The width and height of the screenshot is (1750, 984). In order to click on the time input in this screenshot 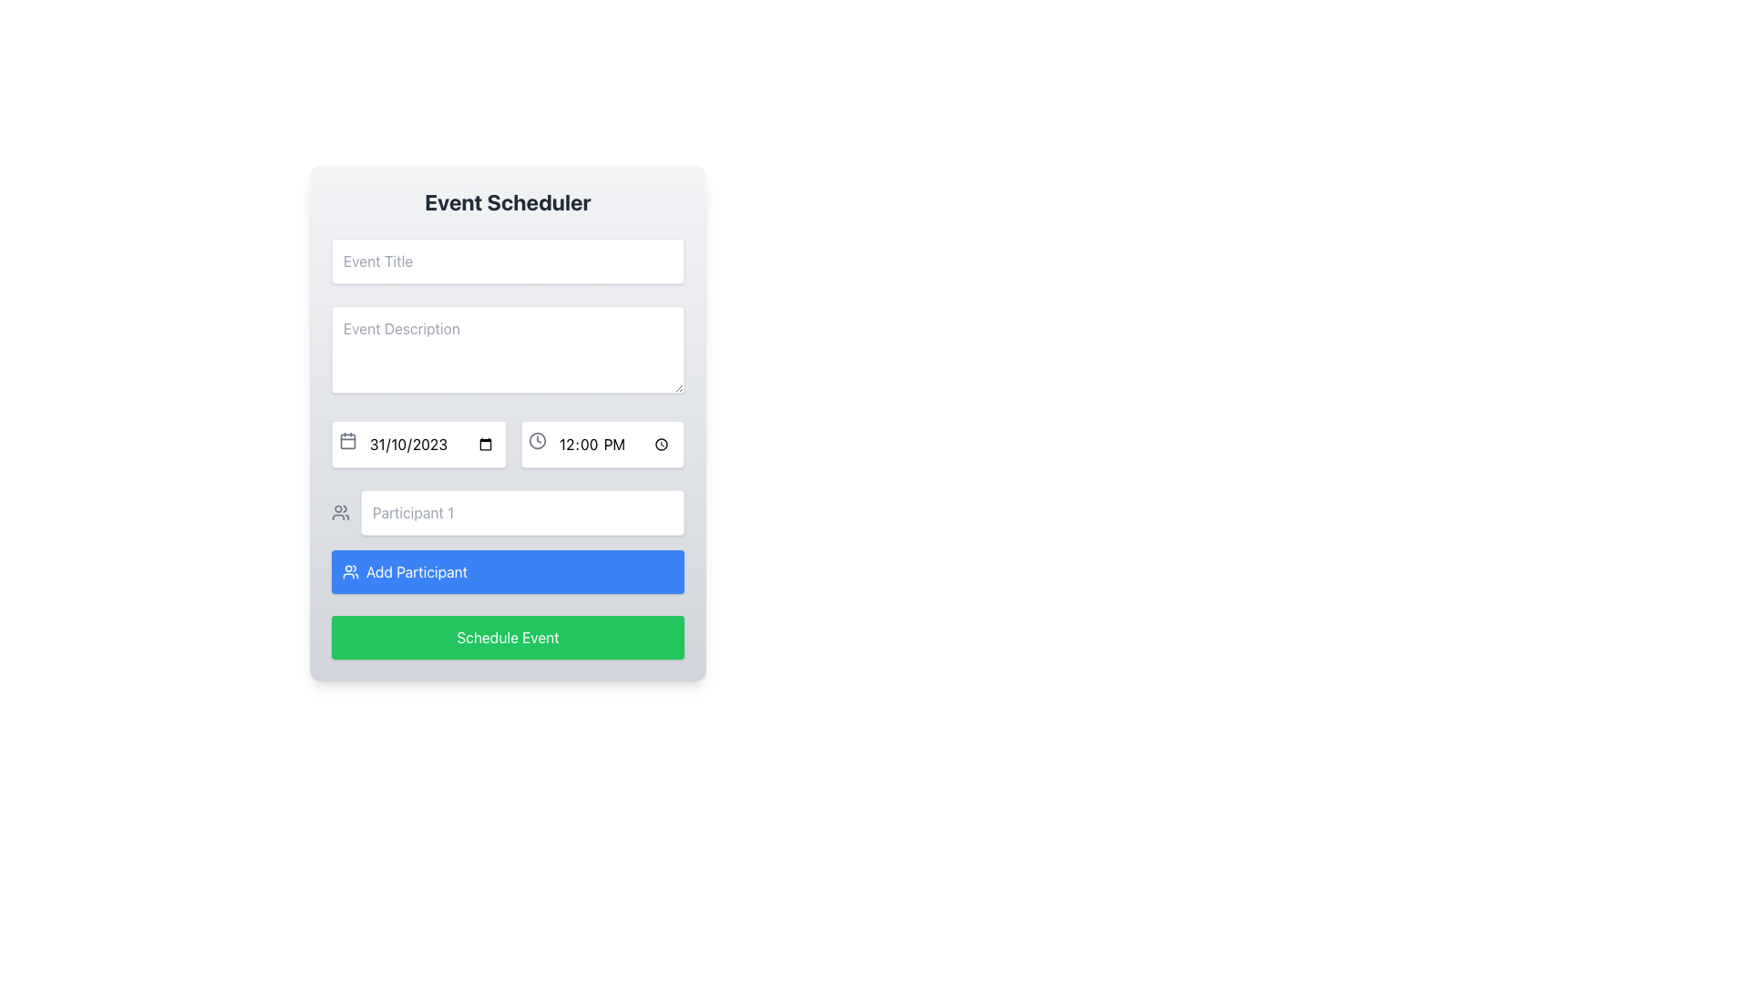, I will do `click(602, 445)`.